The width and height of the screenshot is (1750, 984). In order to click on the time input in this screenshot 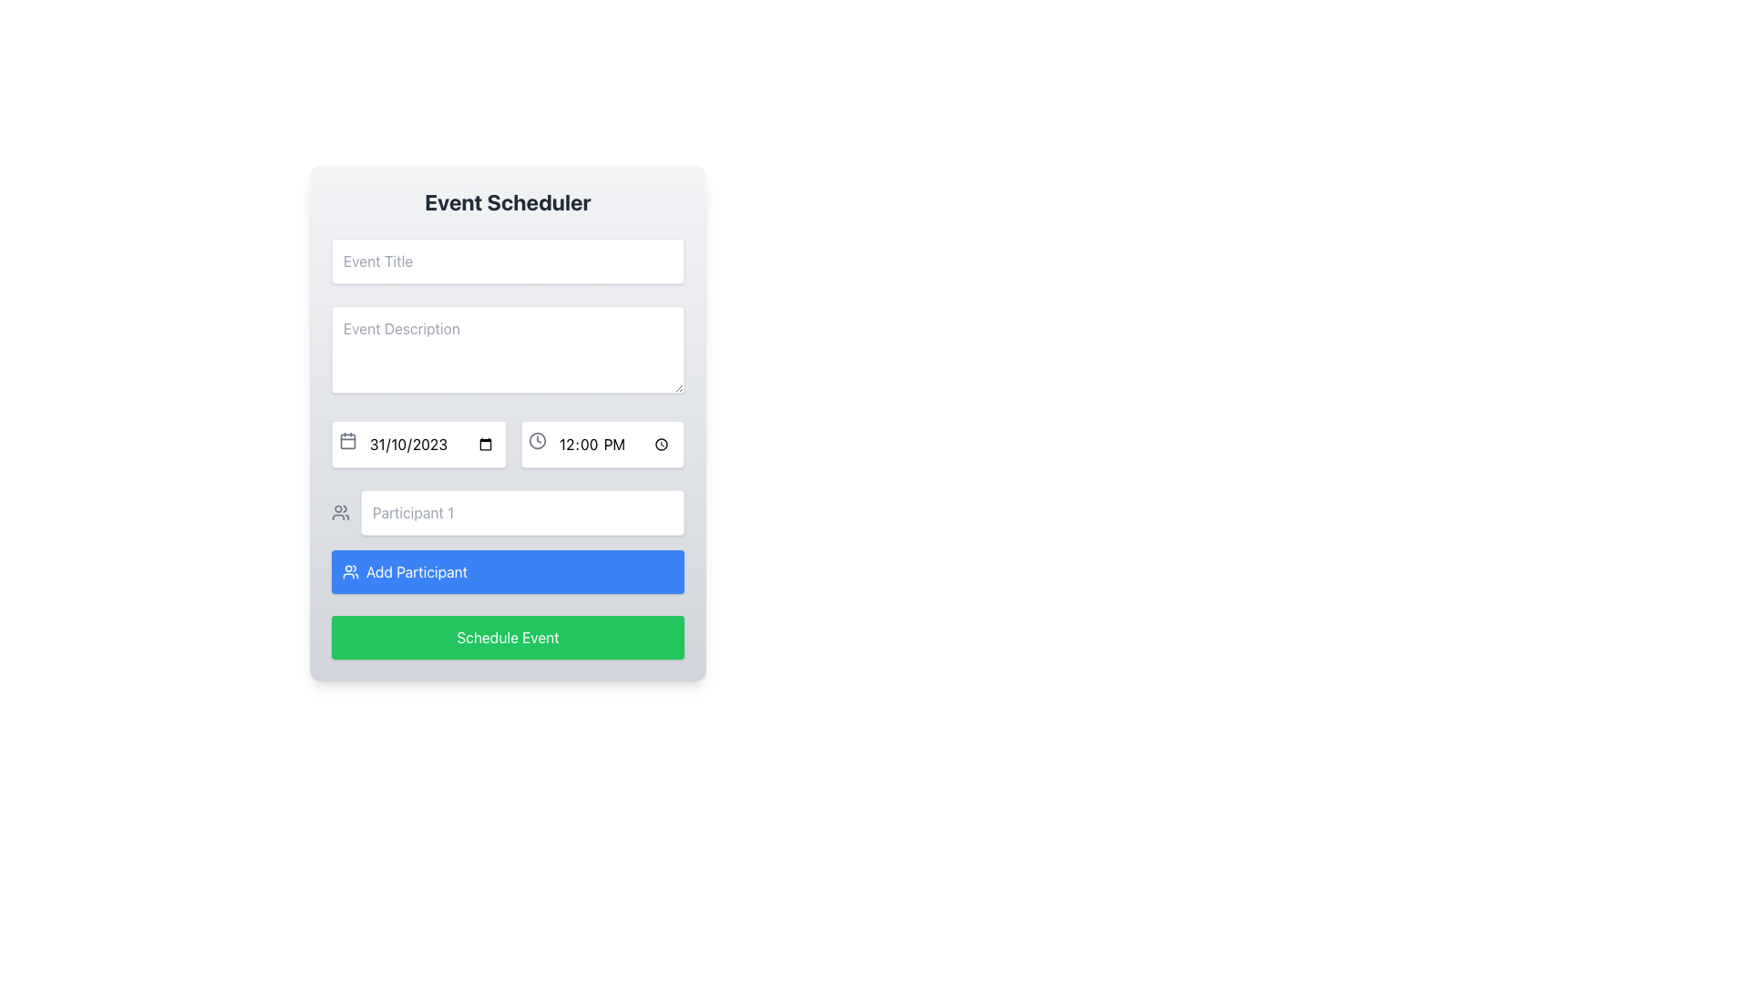, I will do `click(602, 445)`.